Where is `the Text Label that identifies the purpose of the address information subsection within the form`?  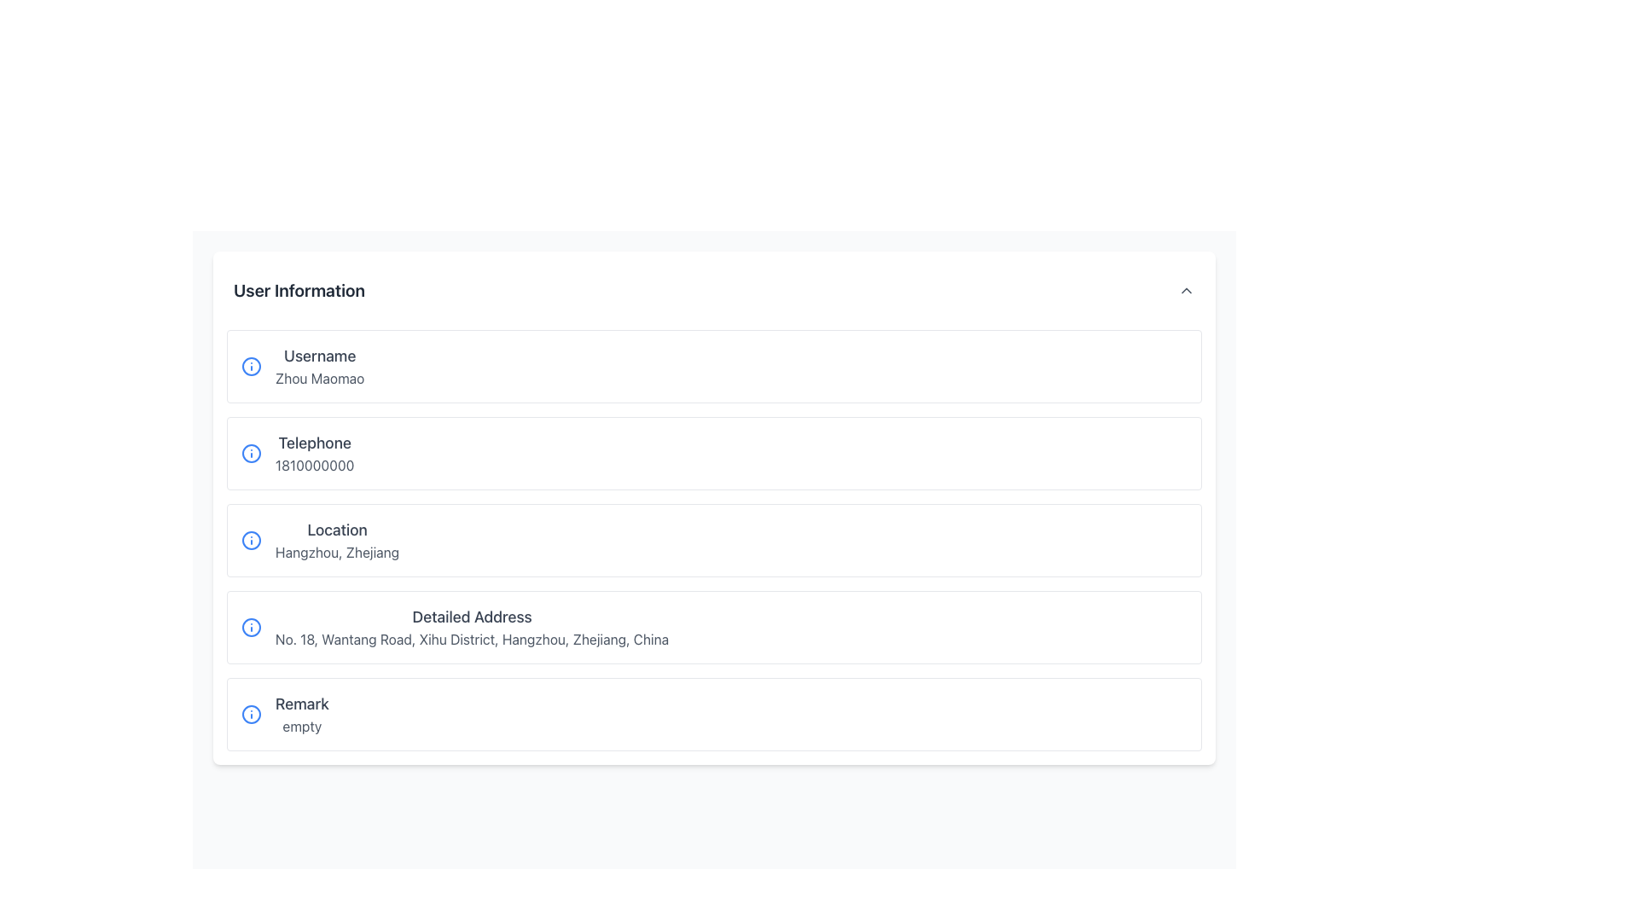
the Text Label that identifies the purpose of the address information subsection within the form is located at coordinates (472, 617).